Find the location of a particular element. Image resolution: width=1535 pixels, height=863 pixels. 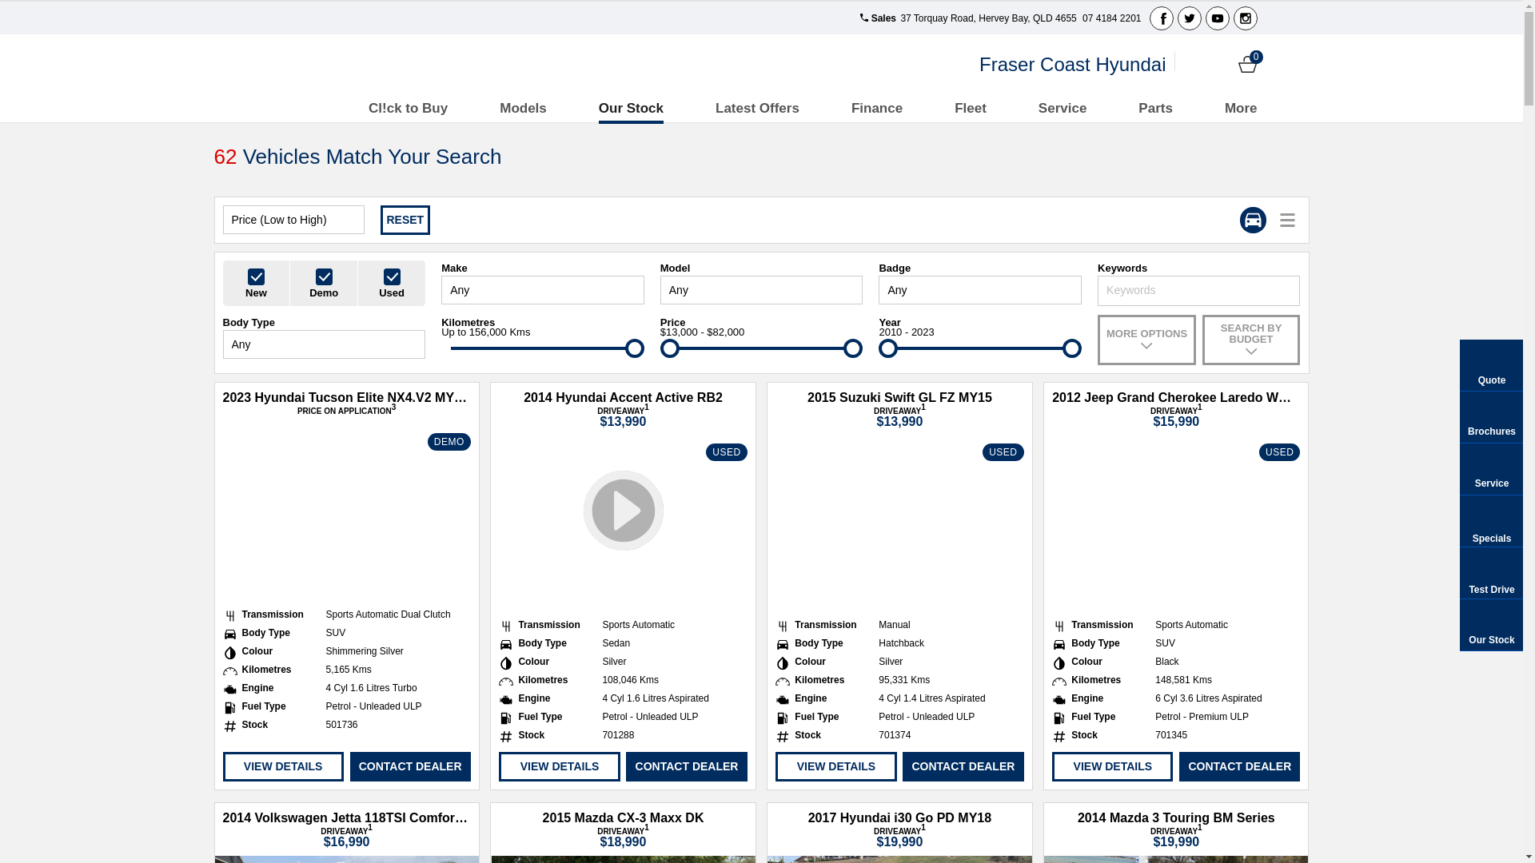

'Fleet' is located at coordinates (970, 108).